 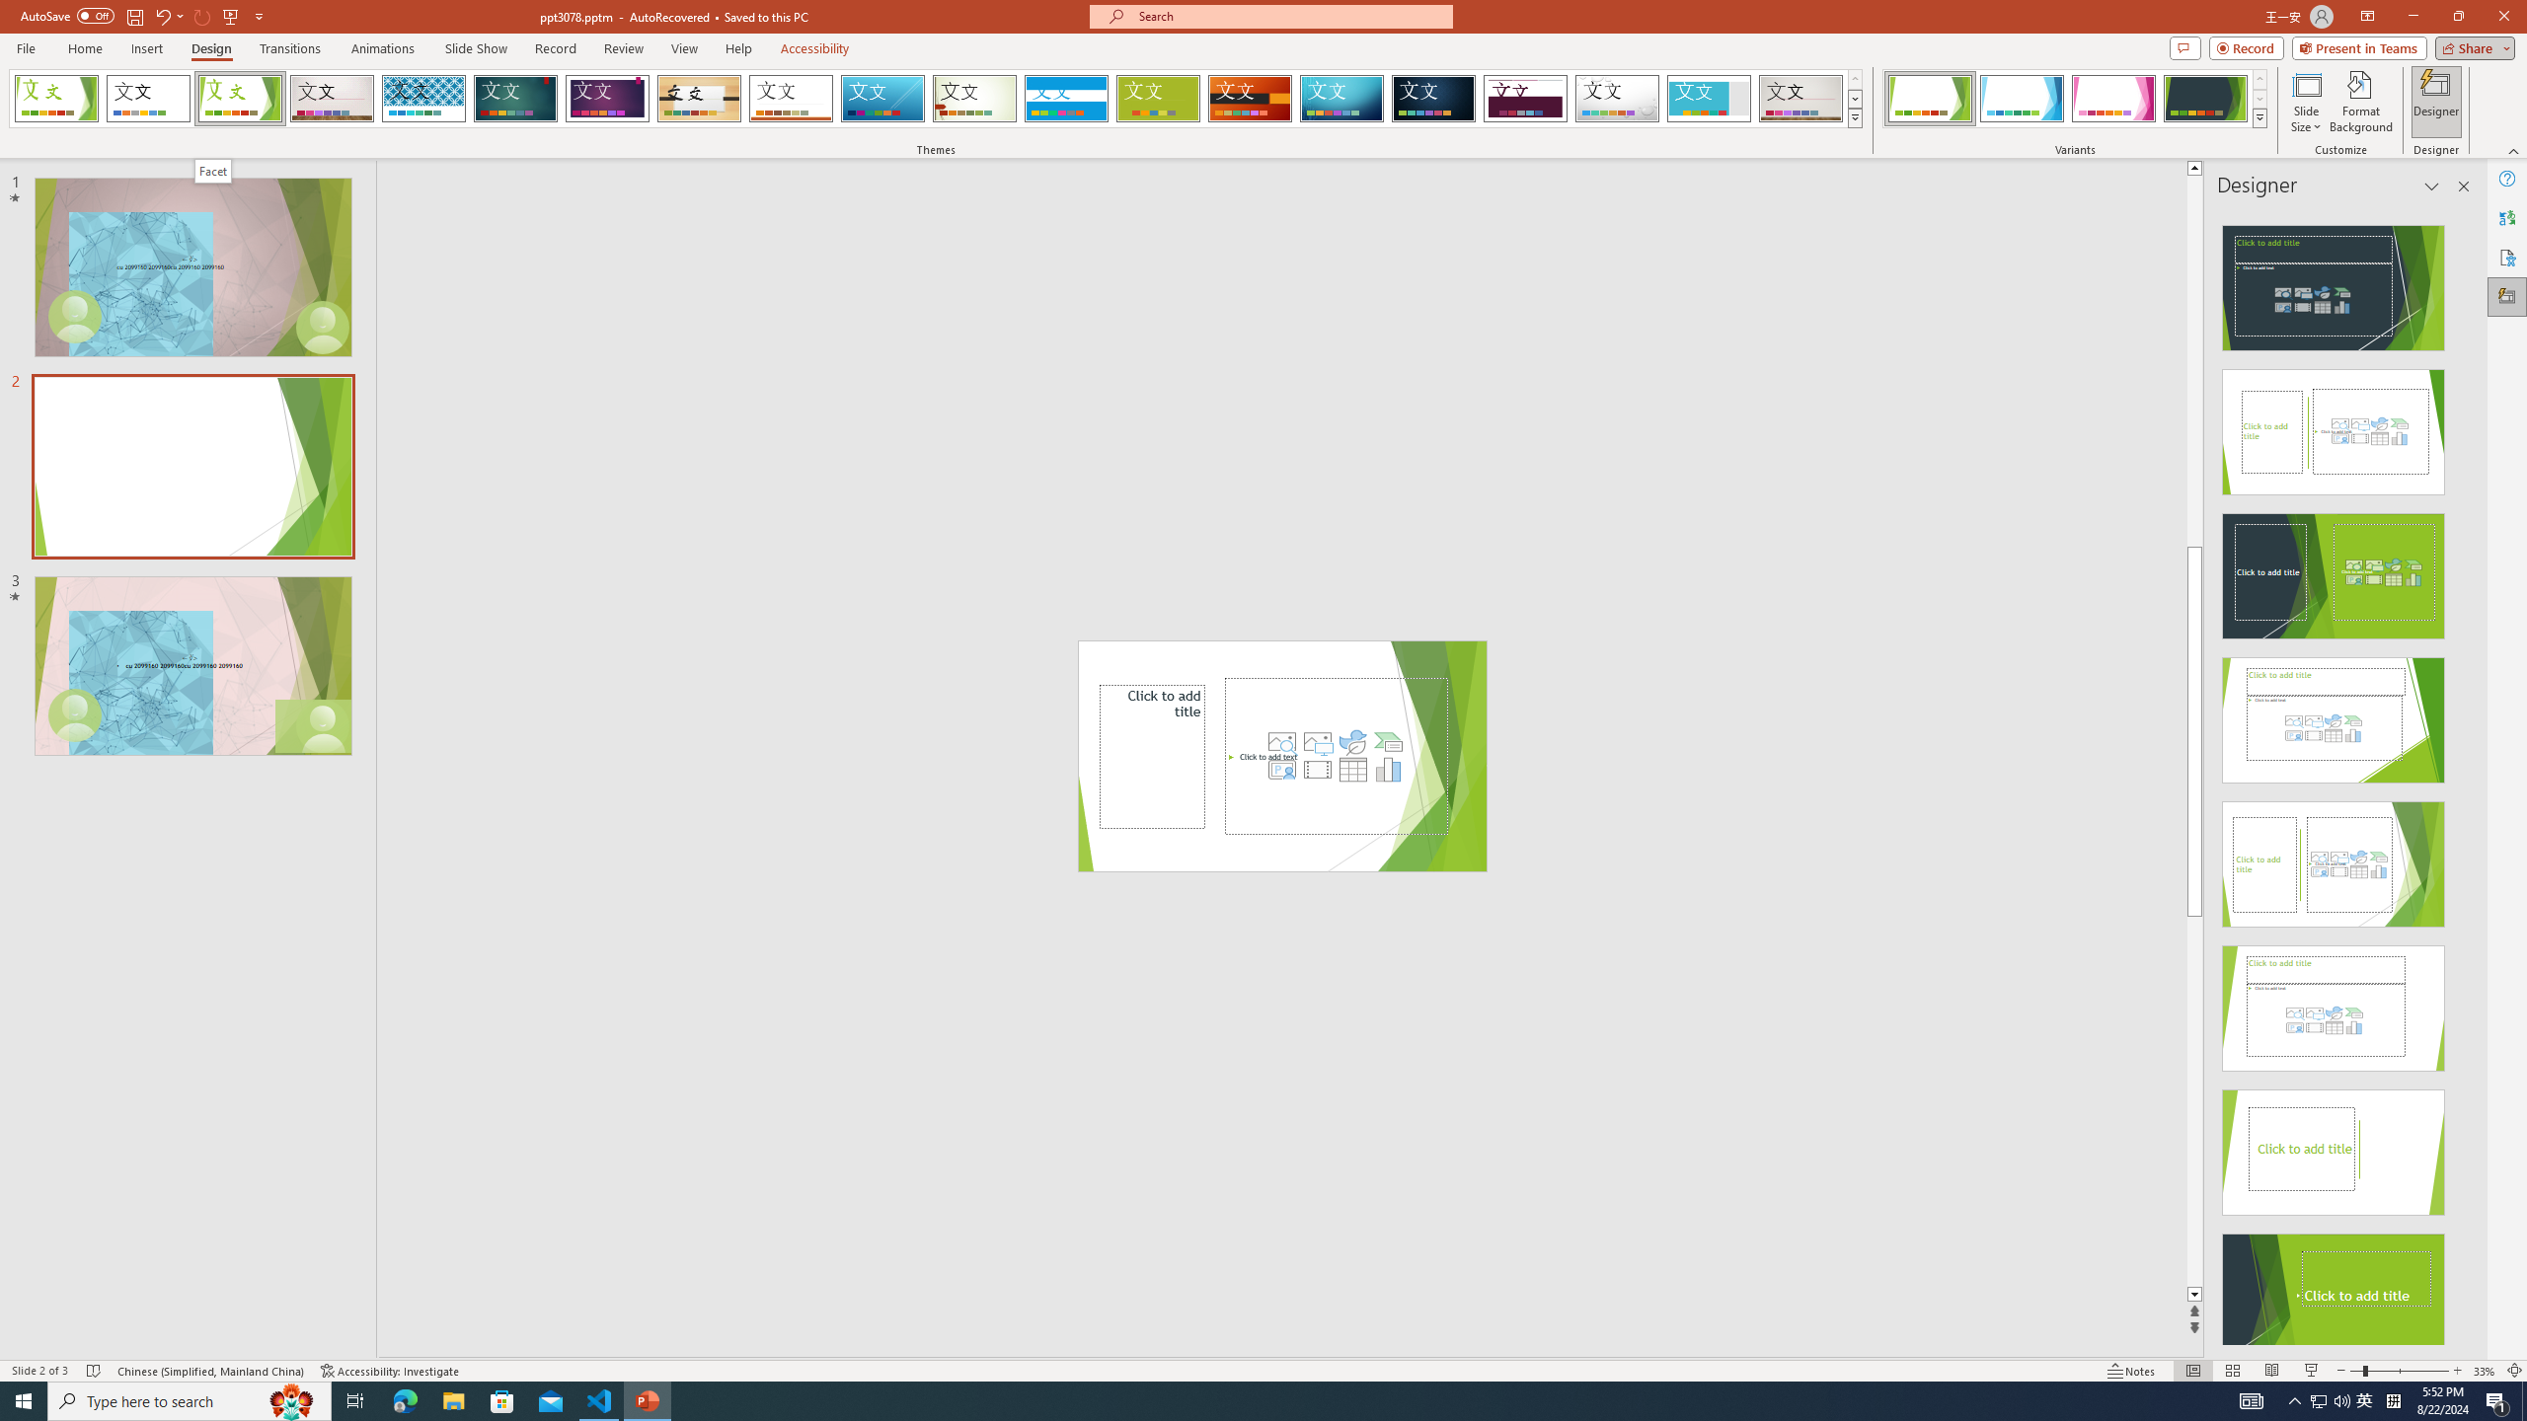 I want to click on 'Circuit', so click(x=1340, y=98).